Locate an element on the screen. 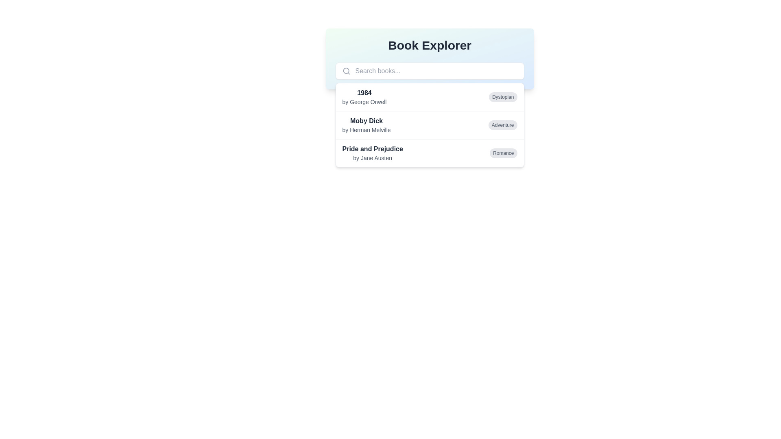 This screenshot has height=439, width=781. the non-interactive text label providing information about the author of the book 'Moby Dick', which is positioned below the title and aligned to its left edge is located at coordinates (366, 130).